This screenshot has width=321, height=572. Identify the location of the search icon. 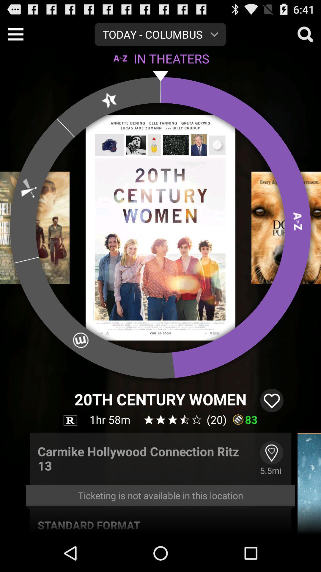
(305, 36).